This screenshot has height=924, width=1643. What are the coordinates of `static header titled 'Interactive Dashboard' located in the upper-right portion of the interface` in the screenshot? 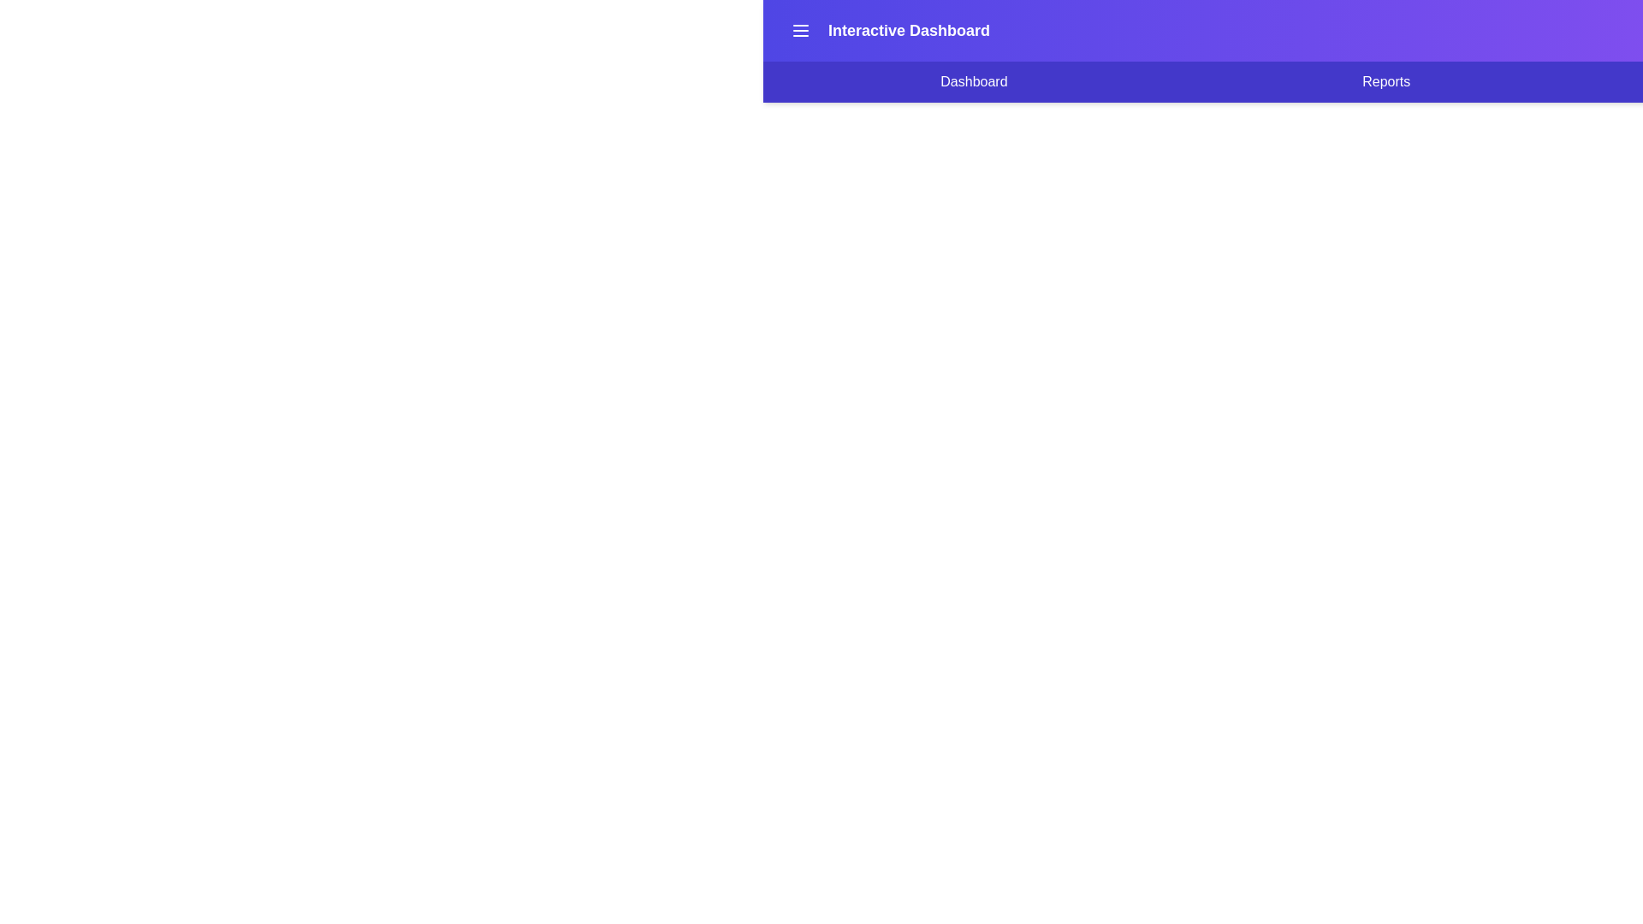 It's located at (908, 30).